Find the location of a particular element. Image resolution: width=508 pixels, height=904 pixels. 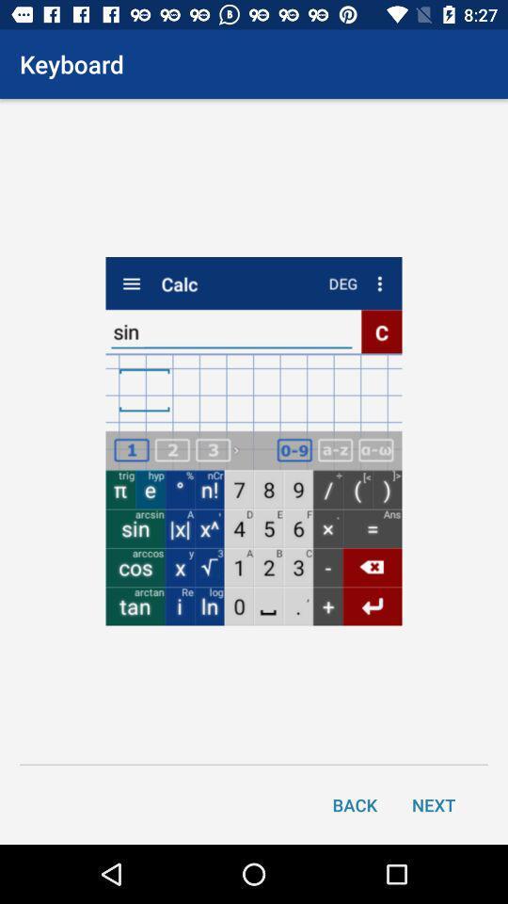

the next icon is located at coordinates (434, 803).